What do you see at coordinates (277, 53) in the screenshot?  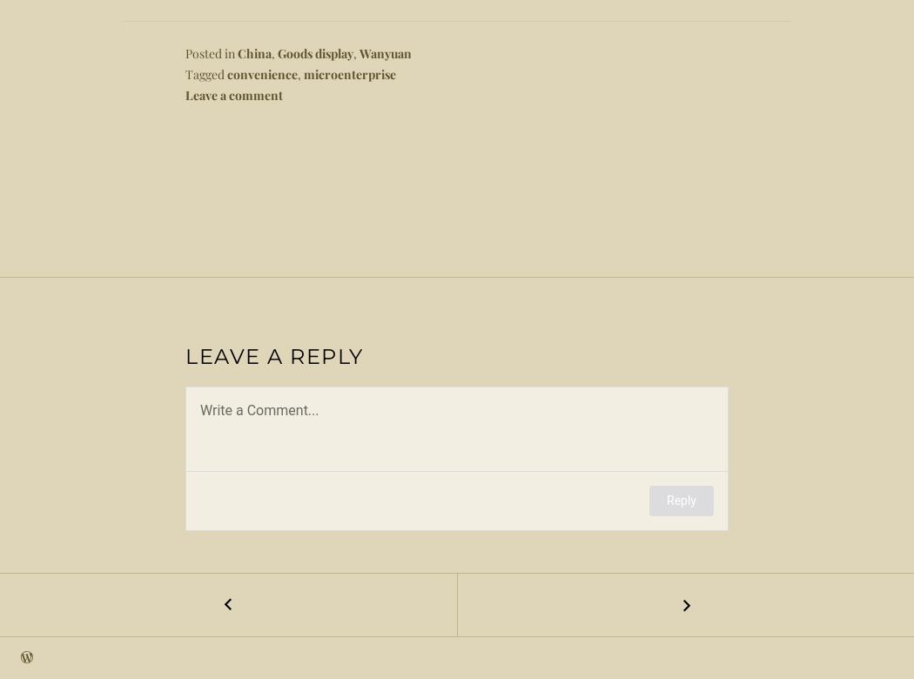 I see `'Goods display'` at bounding box center [277, 53].